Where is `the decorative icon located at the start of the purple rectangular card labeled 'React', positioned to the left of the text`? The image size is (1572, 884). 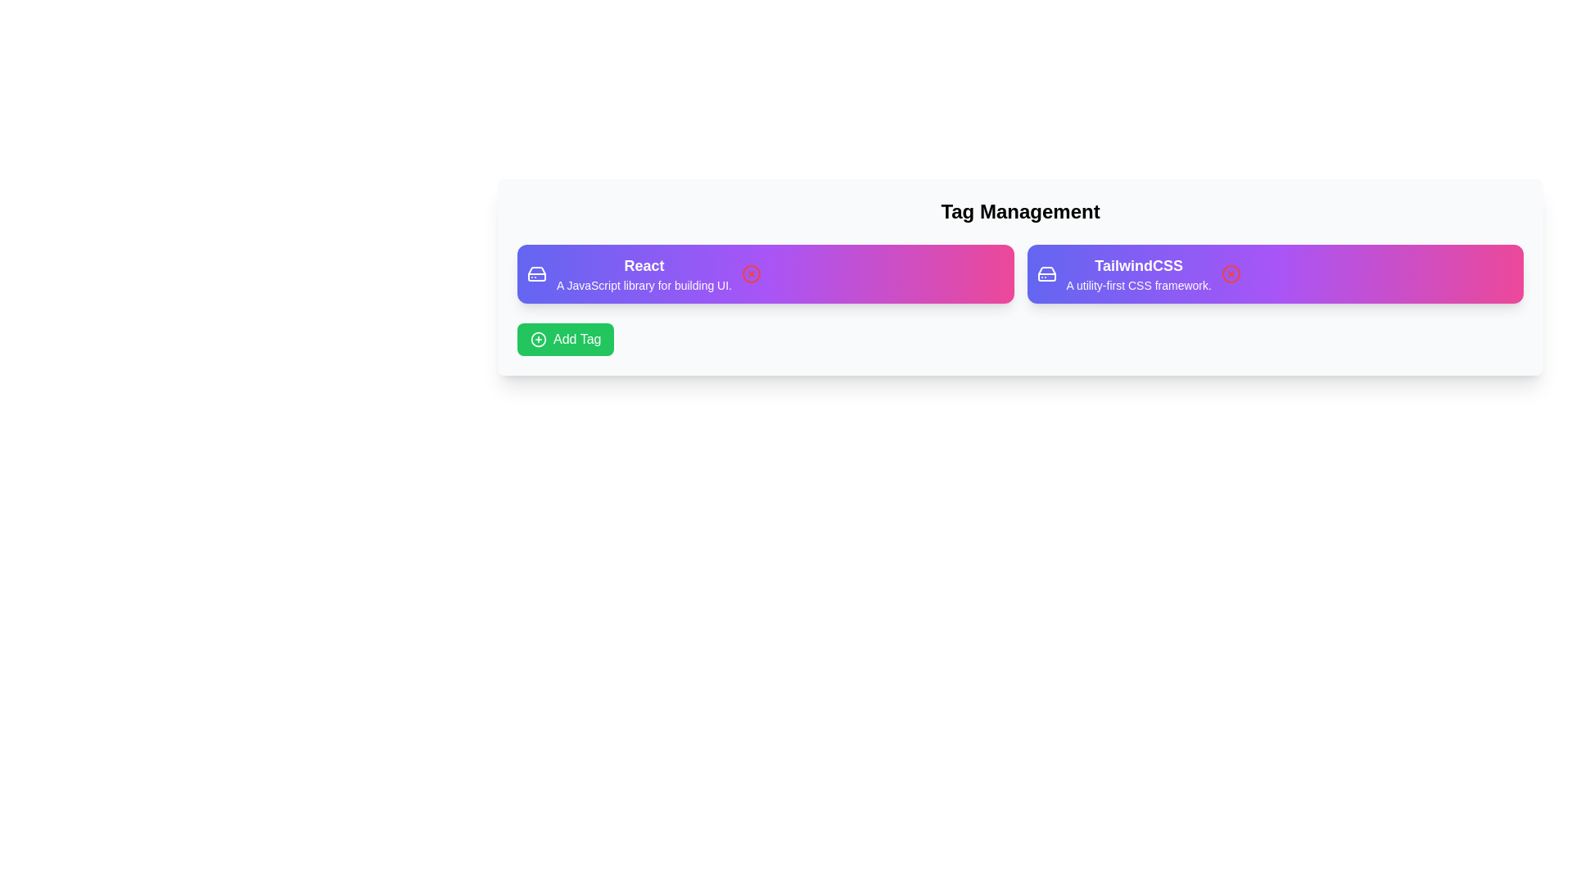
the decorative icon located at the start of the purple rectangular card labeled 'React', positioned to the left of the text is located at coordinates (537, 273).